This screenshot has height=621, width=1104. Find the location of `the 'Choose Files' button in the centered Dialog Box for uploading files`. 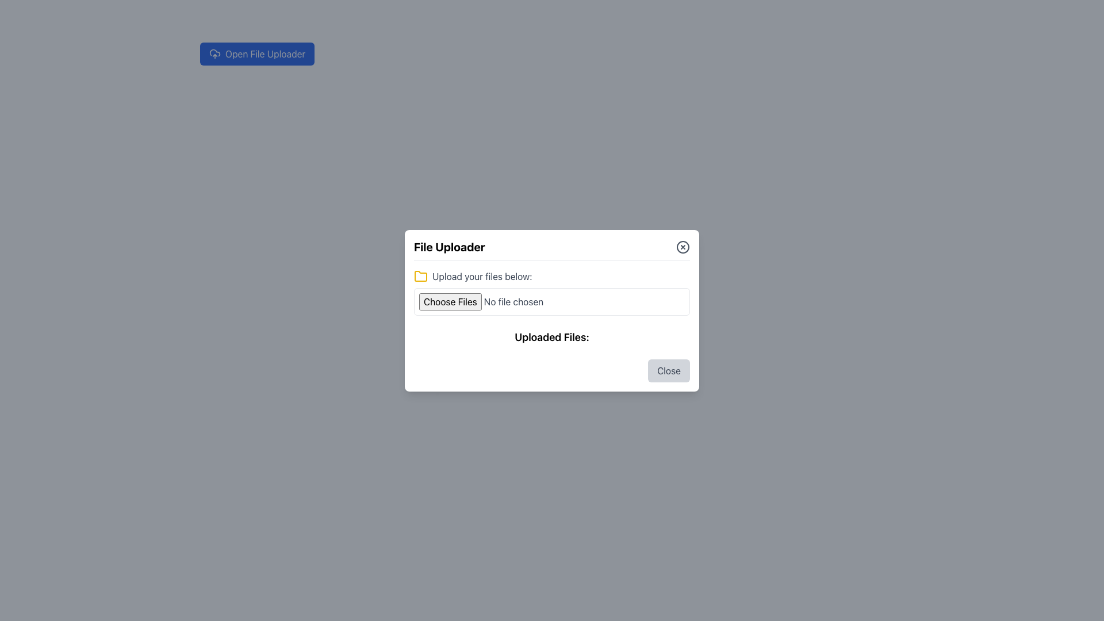

the 'Choose Files' button in the centered Dialog Box for uploading files is located at coordinates (552, 310).